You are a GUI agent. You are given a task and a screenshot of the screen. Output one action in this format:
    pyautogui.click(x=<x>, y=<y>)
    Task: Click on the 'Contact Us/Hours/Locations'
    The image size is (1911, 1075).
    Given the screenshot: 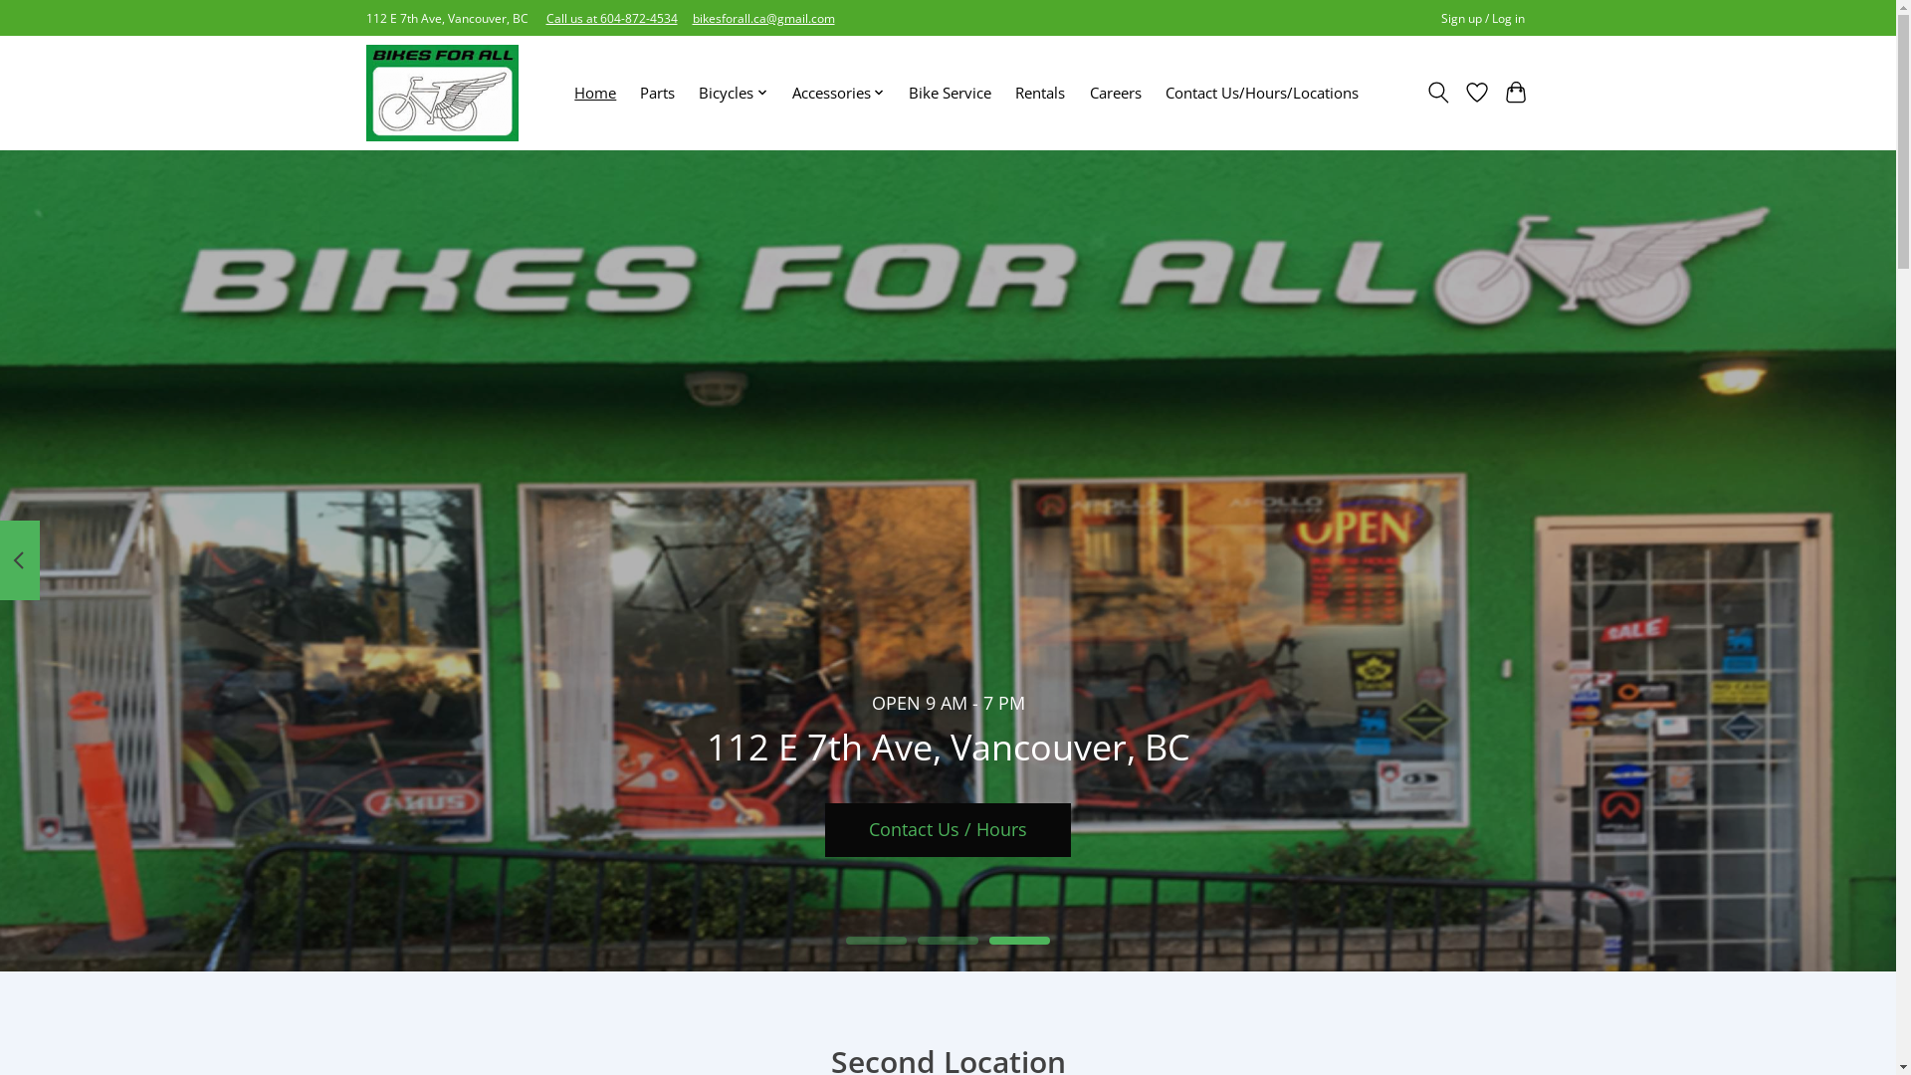 What is the action you would take?
    pyautogui.click(x=1157, y=93)
    